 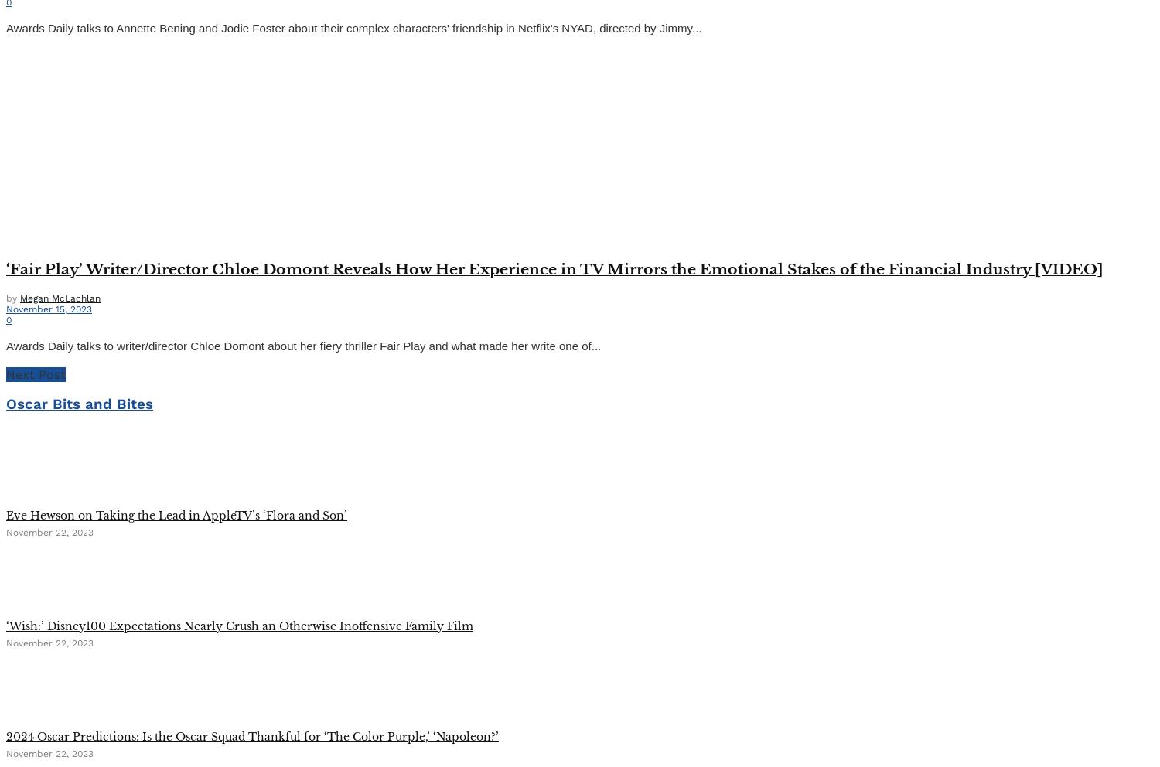 What do you see at coordinates (251, 736) in the screenshot?
I see `'2024 Oscar Predictions: Is the Oscar Squad Thankful for ‘The Color Purple,’ ‘Napoleon?’'` at bounding box center [251, 736].